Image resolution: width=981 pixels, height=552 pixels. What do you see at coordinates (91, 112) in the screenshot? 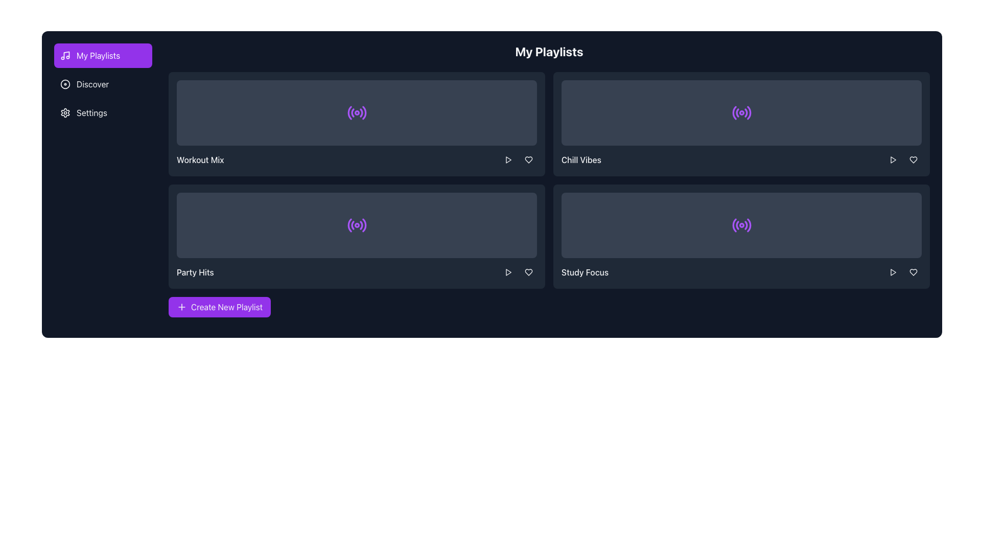
I see `the 'Settings' text label in the sidebar menu` at bounding box center [91, 112].